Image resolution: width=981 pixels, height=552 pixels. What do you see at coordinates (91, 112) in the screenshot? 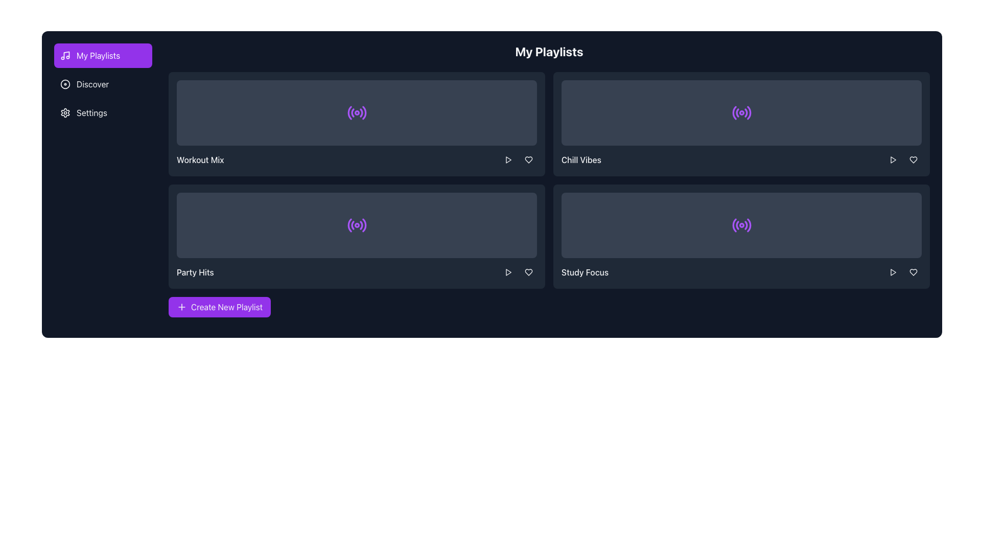
I see `the 'Settings' text label in the sidebar menu` at bounding box center [91, 112].